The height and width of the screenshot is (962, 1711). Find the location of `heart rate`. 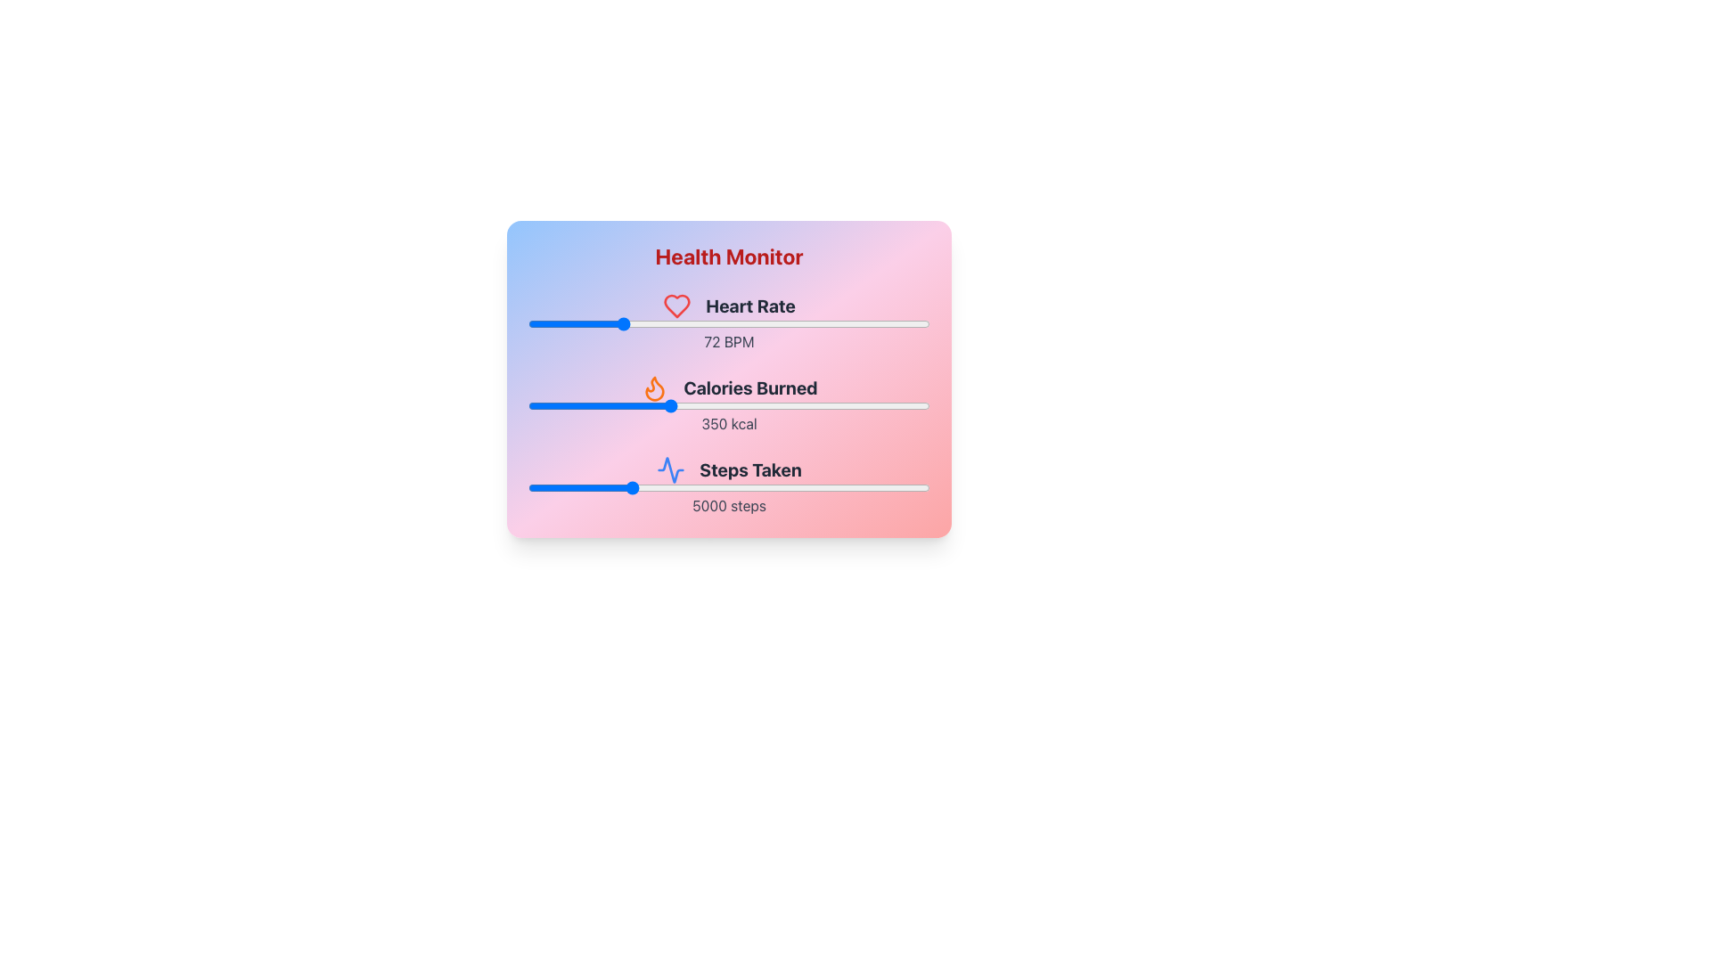

heart rate is located at coordinates (778, 323).